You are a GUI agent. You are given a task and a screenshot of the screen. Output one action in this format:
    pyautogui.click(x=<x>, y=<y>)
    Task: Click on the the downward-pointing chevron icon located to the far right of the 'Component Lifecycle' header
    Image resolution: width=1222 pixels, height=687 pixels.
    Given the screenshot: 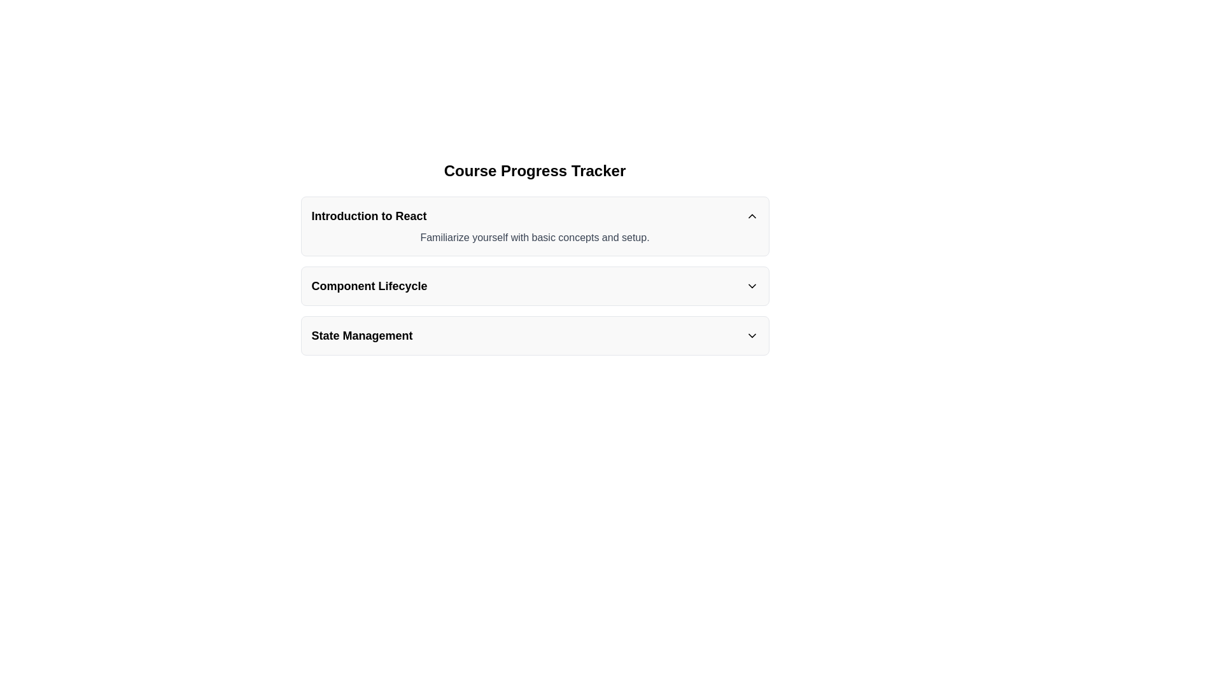 What is the action you would take?
    pyautogui.click(x=752, y=286)
    